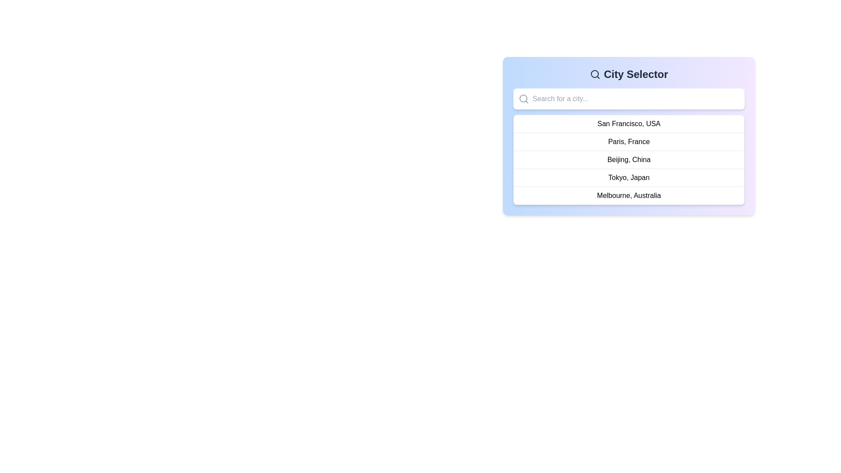  I want to click on the interactive search bar with placeholder 'Search for a city...', so click(628, 99).